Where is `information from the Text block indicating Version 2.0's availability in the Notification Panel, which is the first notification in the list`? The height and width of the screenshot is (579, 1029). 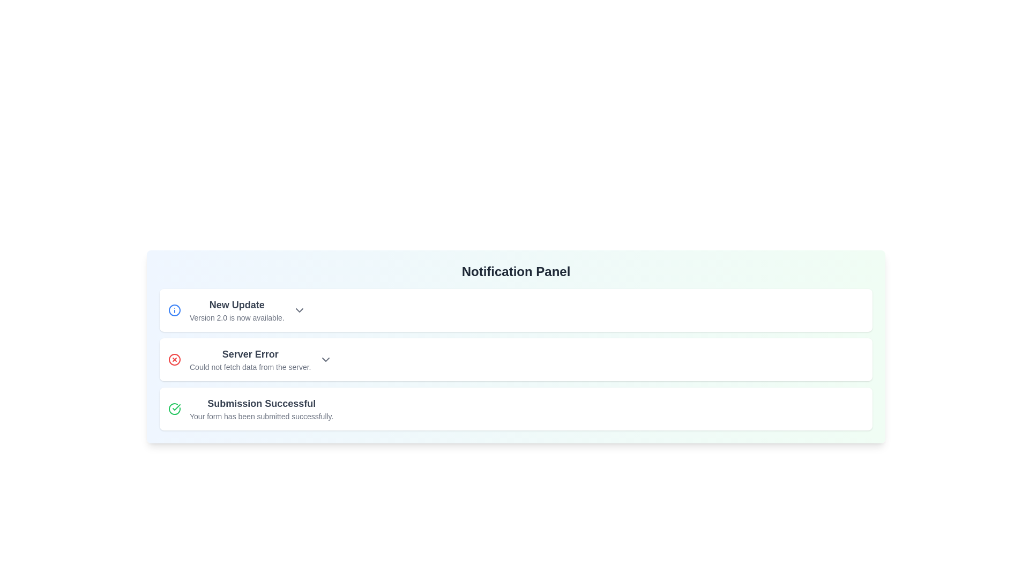 information from the Text block indicating Version 2.0's availability in the Notification Panel, which is the first notification in the list is located at coordinates (236, 310).